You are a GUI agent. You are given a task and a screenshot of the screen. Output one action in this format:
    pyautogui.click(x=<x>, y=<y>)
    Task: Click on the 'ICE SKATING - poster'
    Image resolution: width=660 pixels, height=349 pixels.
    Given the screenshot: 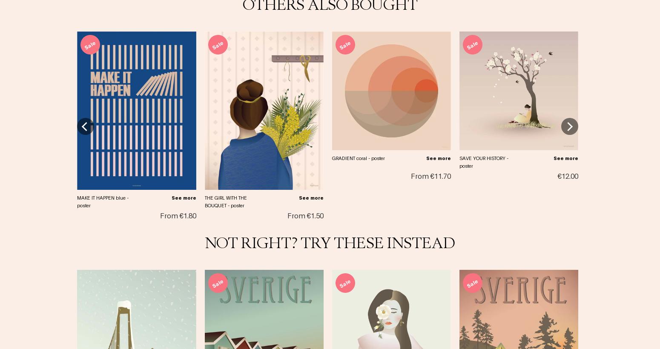 What is the action you would take?
    pyautogui.click(x=609, y=128)
    